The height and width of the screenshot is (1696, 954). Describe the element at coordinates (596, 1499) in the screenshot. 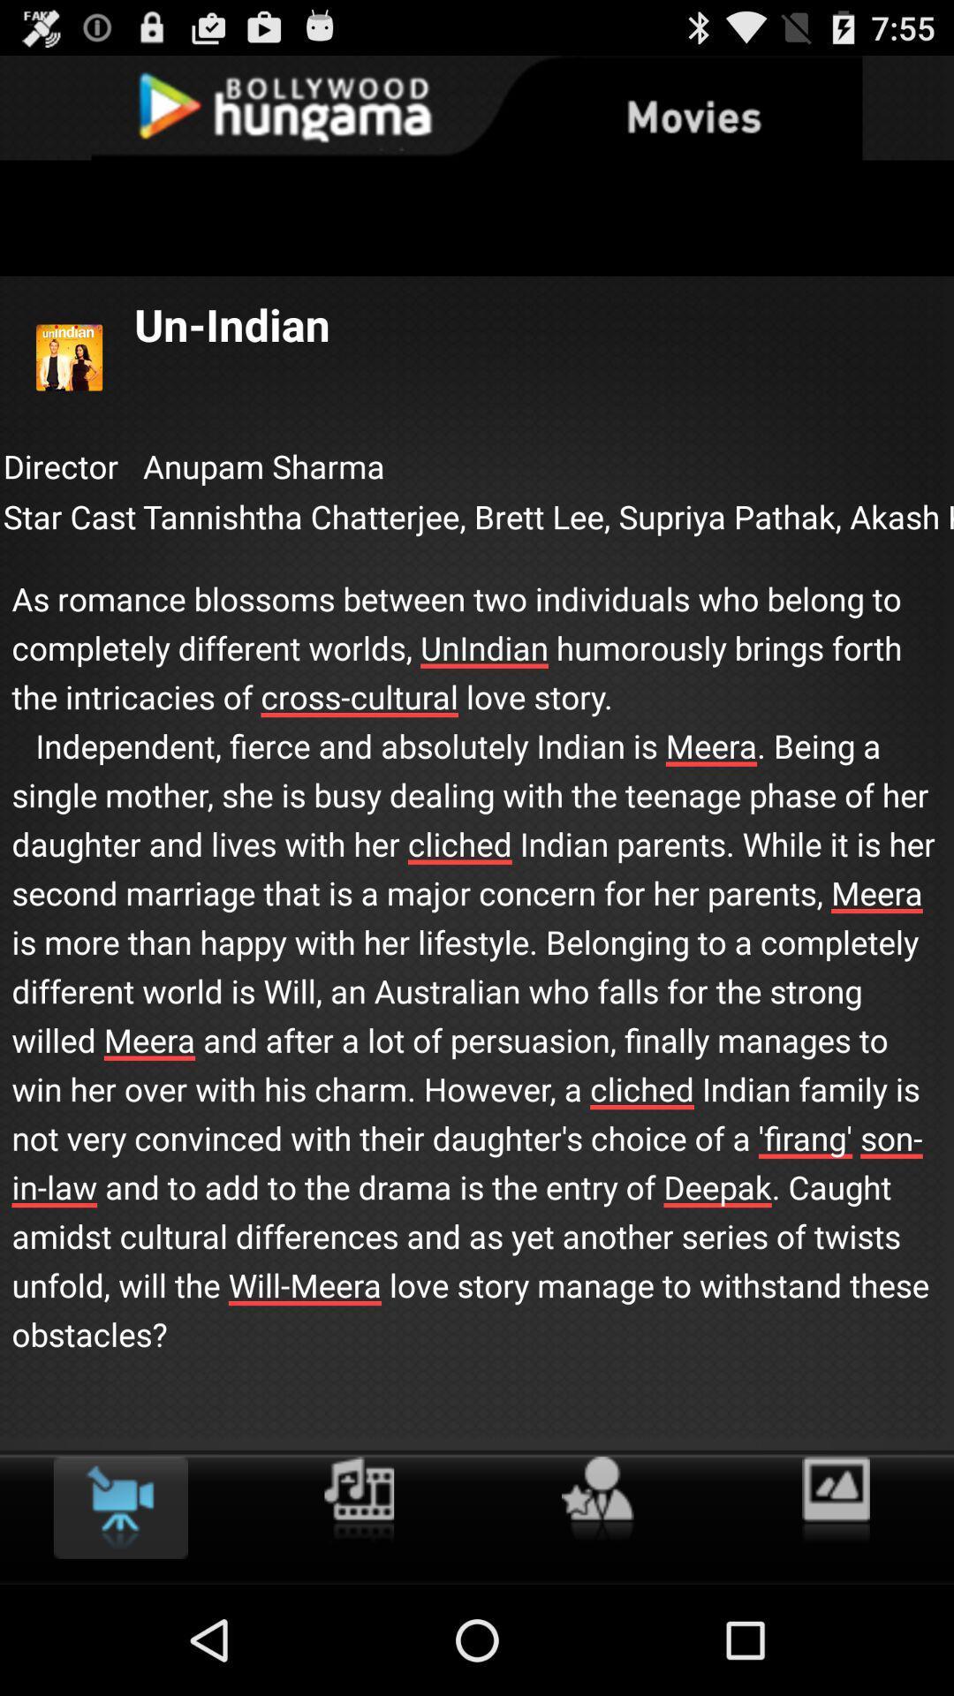

I see `to my favorites` at that location.